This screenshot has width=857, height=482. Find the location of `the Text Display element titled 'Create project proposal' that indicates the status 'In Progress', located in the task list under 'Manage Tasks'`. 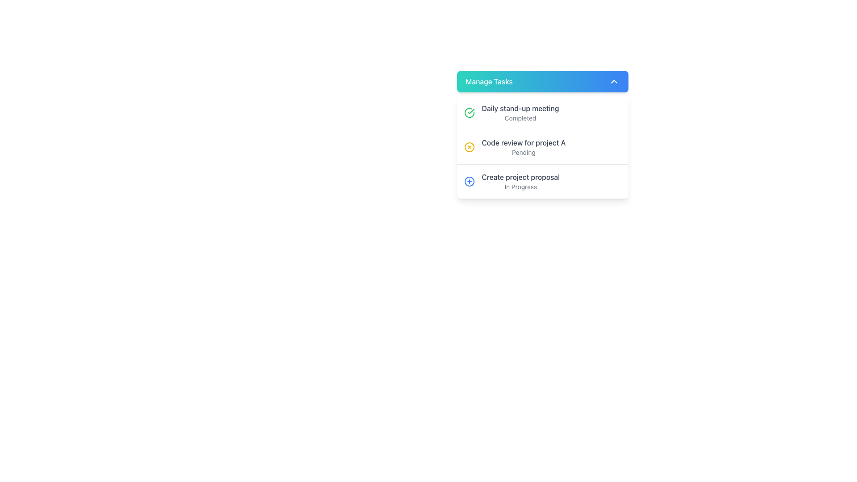

the Text Display element titled 'Create project proposal' that indicates the status 'In Progress', located in the task list under 'Manage Tasks' is located at coordinates (520, 181).